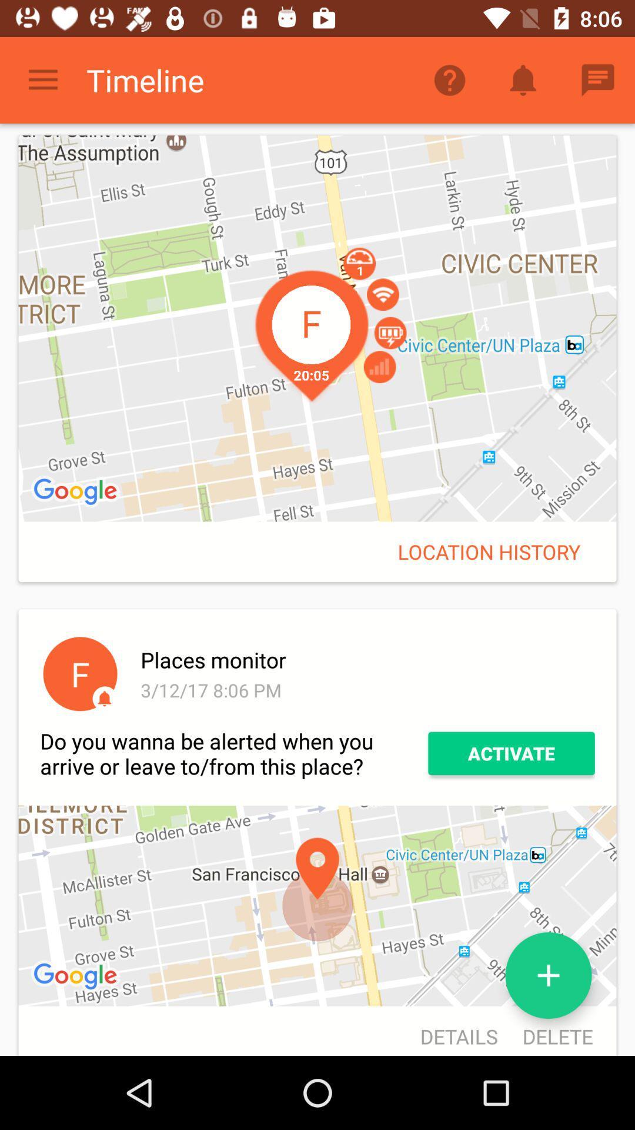 This screenshot has width=635, height=1130. Describe the element at coordinates (549, 975) in the screenshot. I see `the add icon` at that location.